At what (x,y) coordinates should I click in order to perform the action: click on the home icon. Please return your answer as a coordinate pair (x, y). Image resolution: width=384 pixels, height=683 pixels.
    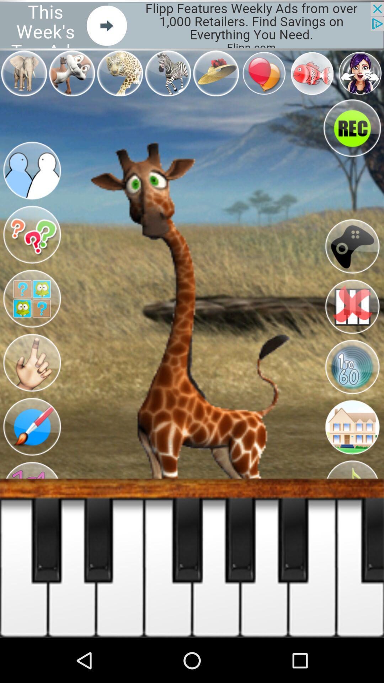
    Looking at the image, I should click on (352, 457).